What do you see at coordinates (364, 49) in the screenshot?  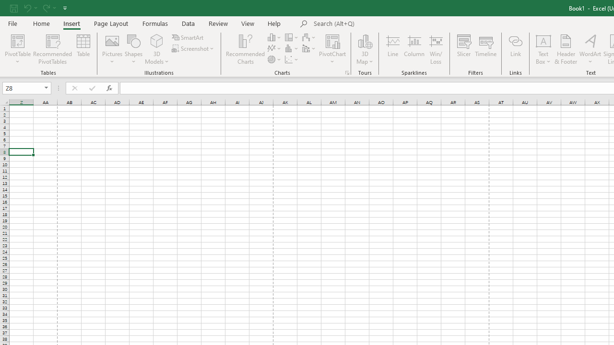 I see `'3D Map'` at bounding box center [364, 49].